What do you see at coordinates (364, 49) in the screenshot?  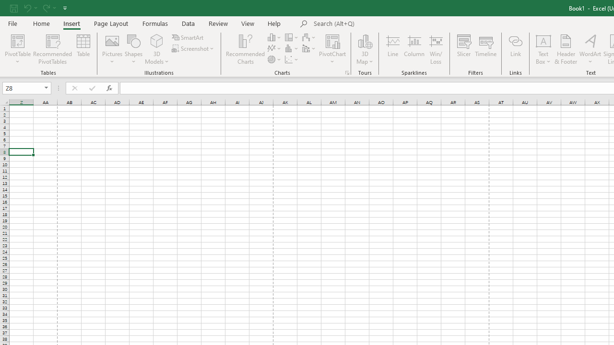 I see `'3D Map'` at bounding box center [364, 49].